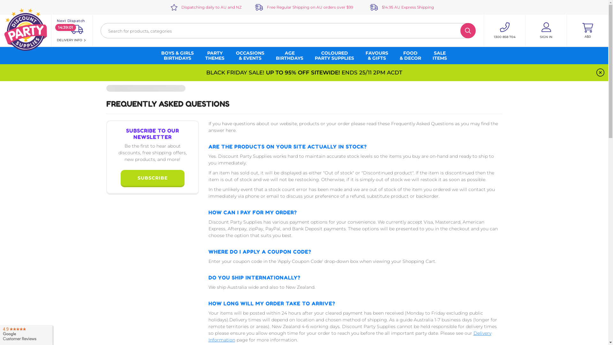 The width and height of the screenshot is (613, 345). Describe the element at coordinates (587, 31) in the screenshot. I see `'A$0'` at that location.